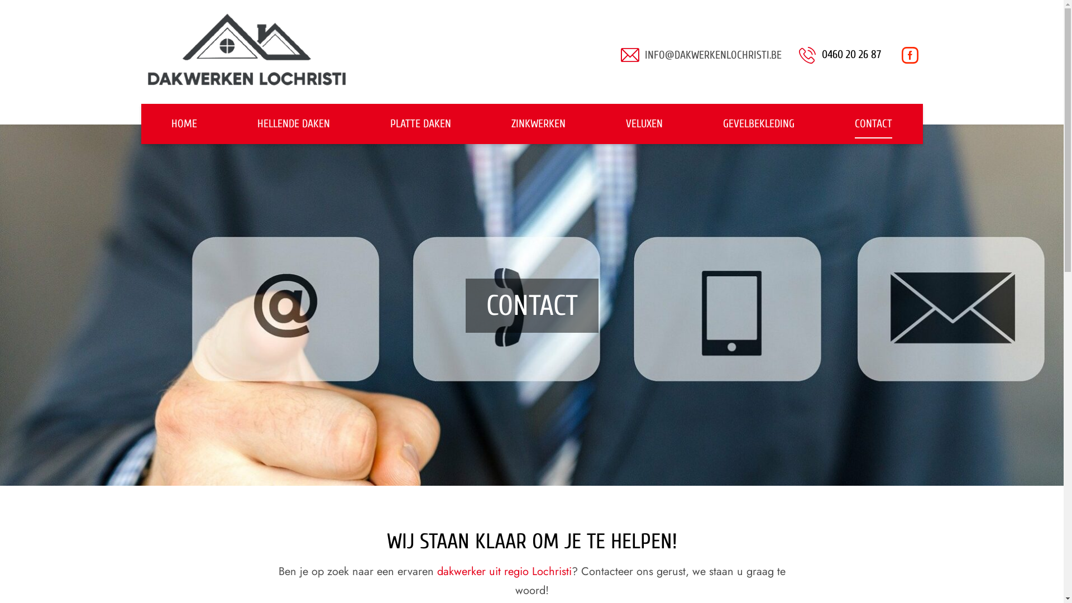  What do you see at coordinates (294, 124) in the screenshot?
I see `'HELLENDE DAKEN'` at bounding box center [294, 124].